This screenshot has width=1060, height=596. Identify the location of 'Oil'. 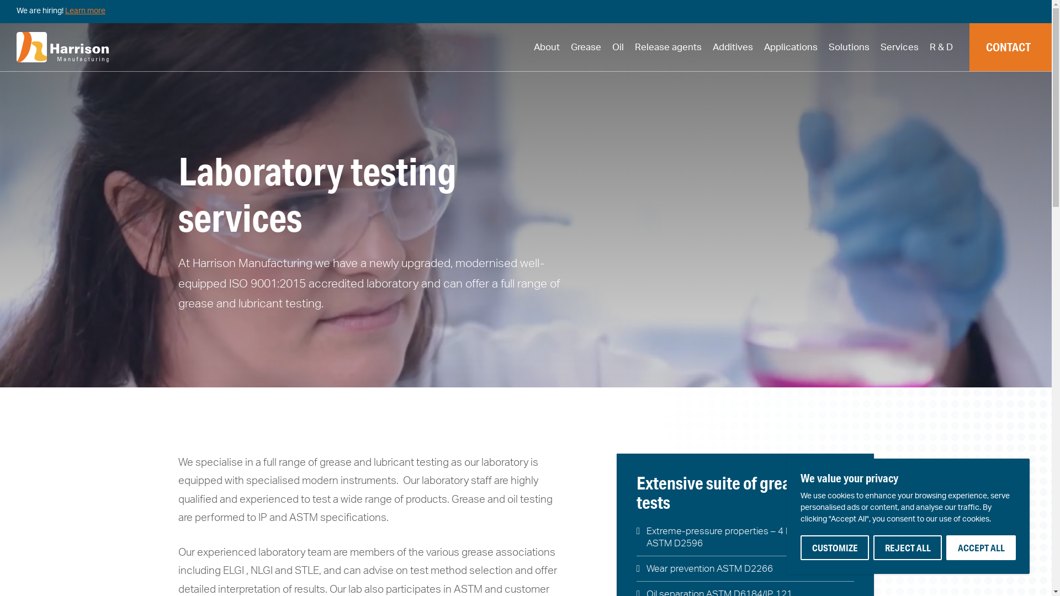
(617, 46).